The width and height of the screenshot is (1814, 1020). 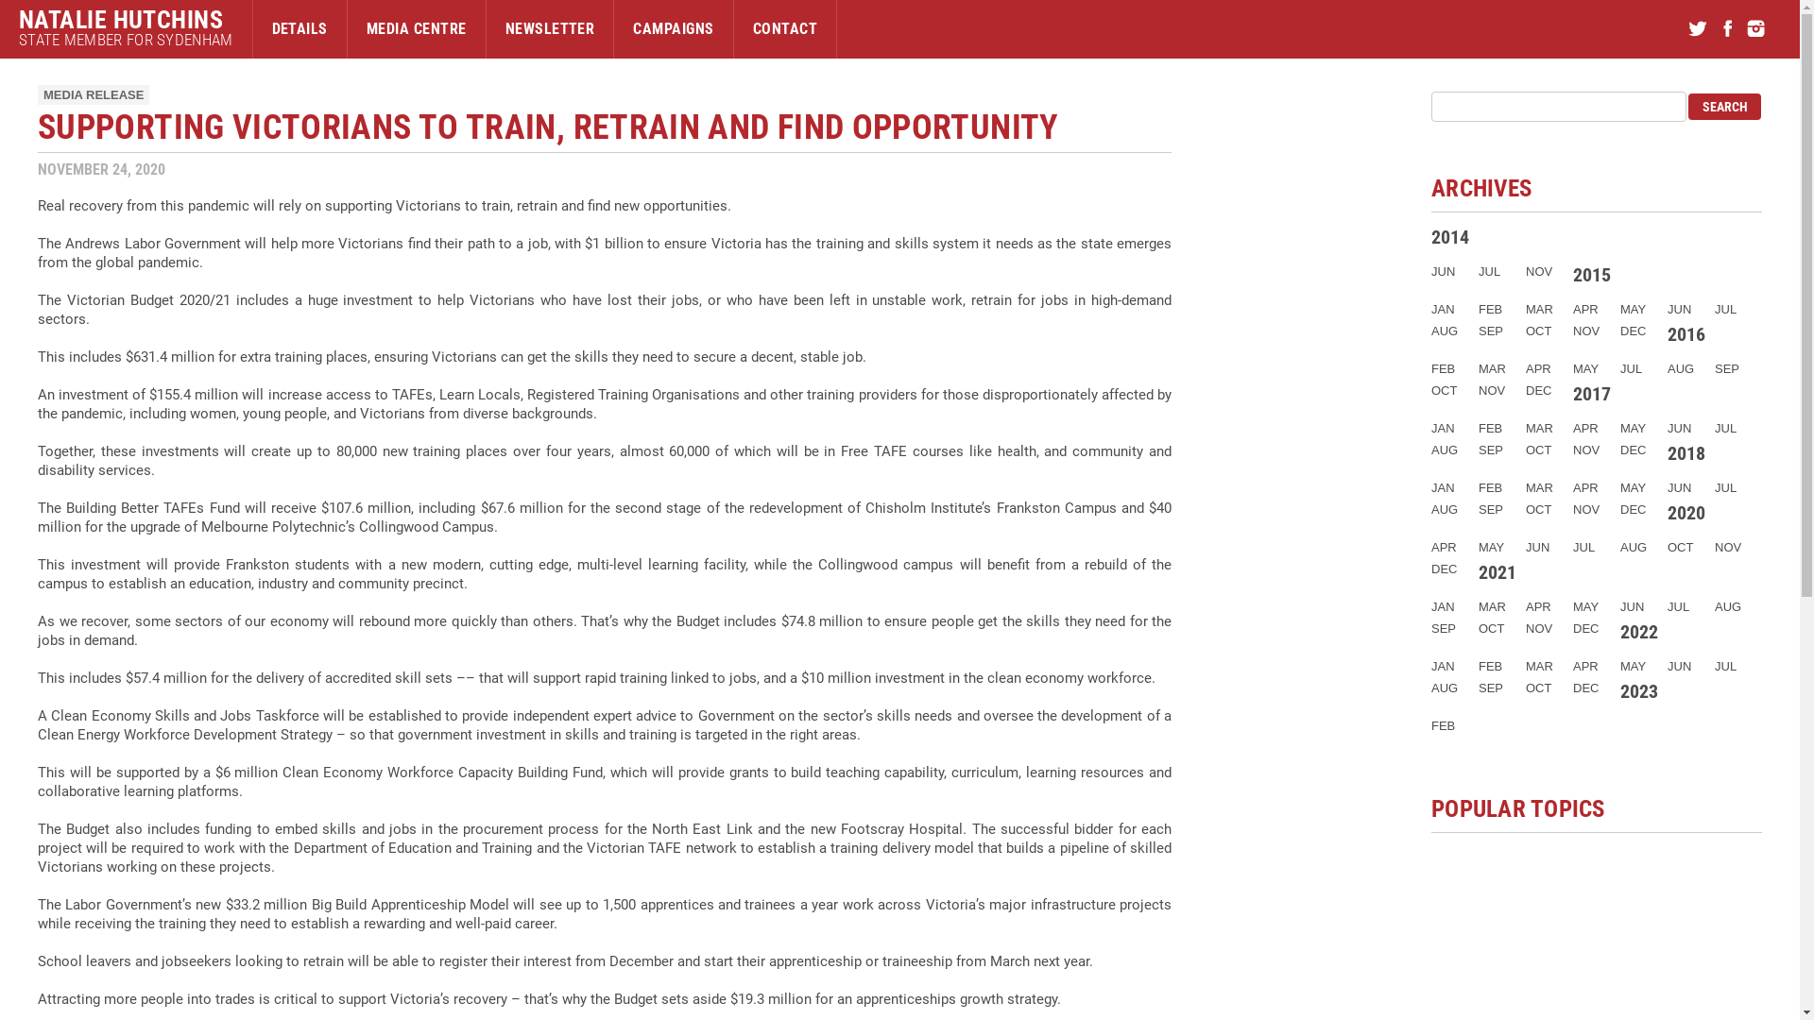 What do you see at coordinates (299, 28) in the screenshot?
I see `'DETAILS'` at bounding box center [299, 28].